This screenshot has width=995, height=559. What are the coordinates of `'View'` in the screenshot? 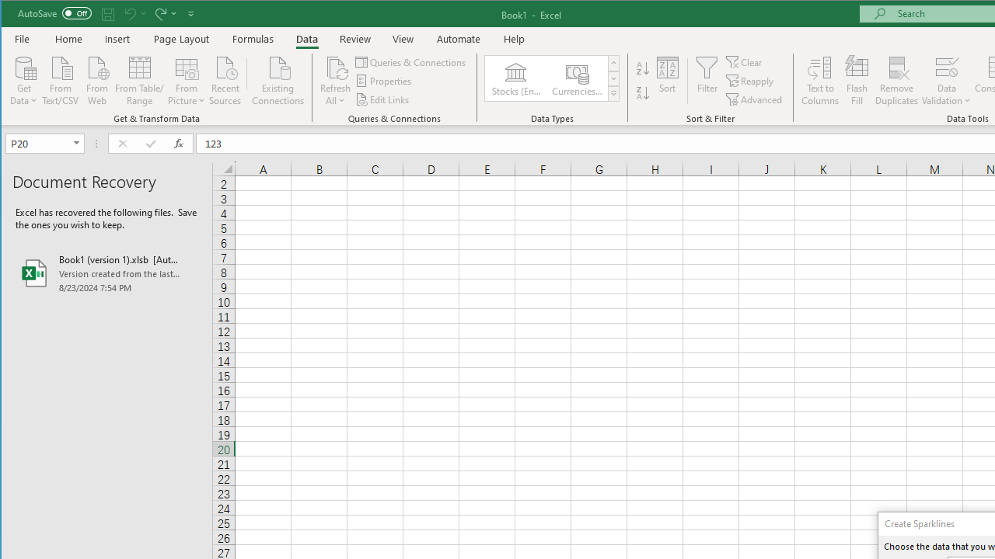 It's located at (403, 38).